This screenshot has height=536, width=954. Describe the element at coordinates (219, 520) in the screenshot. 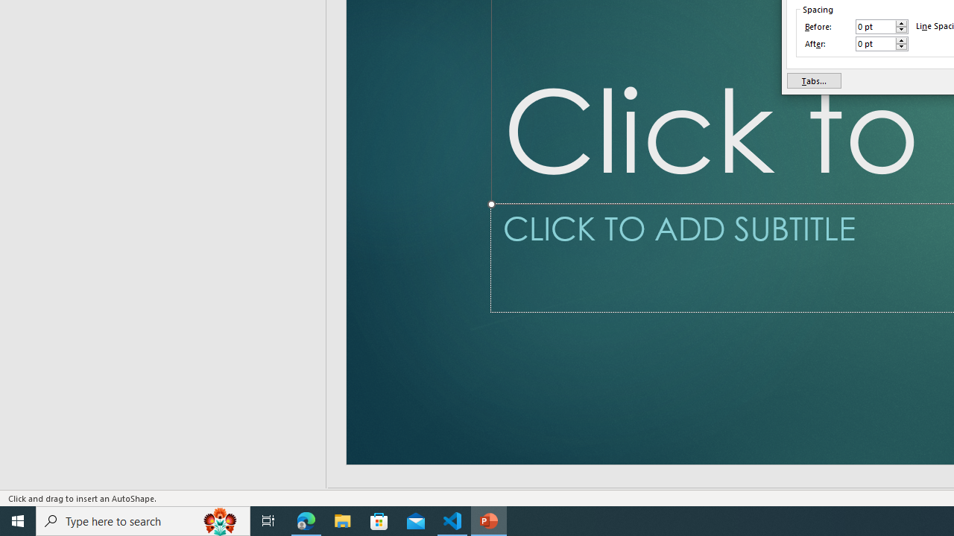

I see `'Search highlights icon opens search home window'` at that location.